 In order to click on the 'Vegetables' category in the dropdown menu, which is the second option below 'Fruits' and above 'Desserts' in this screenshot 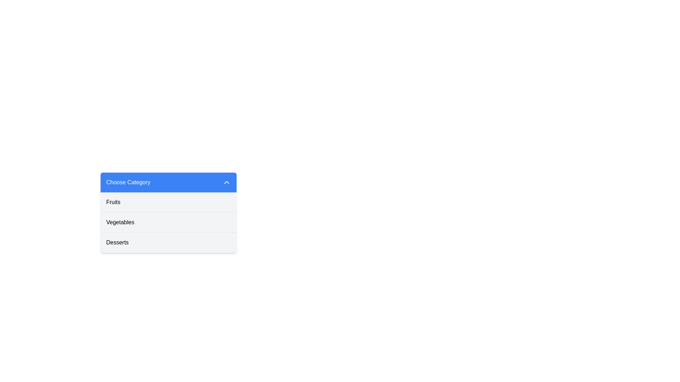, I will do `click(168, 222)`.